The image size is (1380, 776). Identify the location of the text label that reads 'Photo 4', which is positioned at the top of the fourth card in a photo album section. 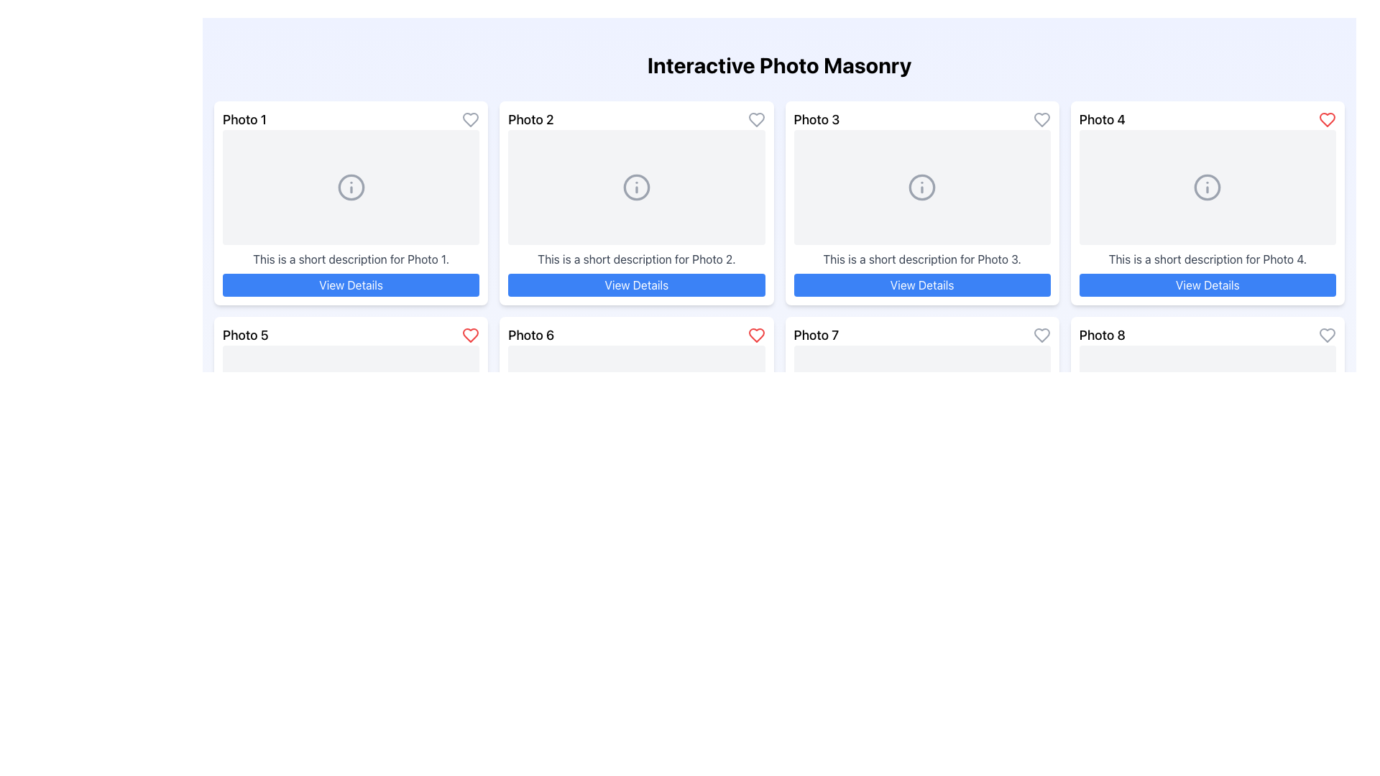
(1101, 119).